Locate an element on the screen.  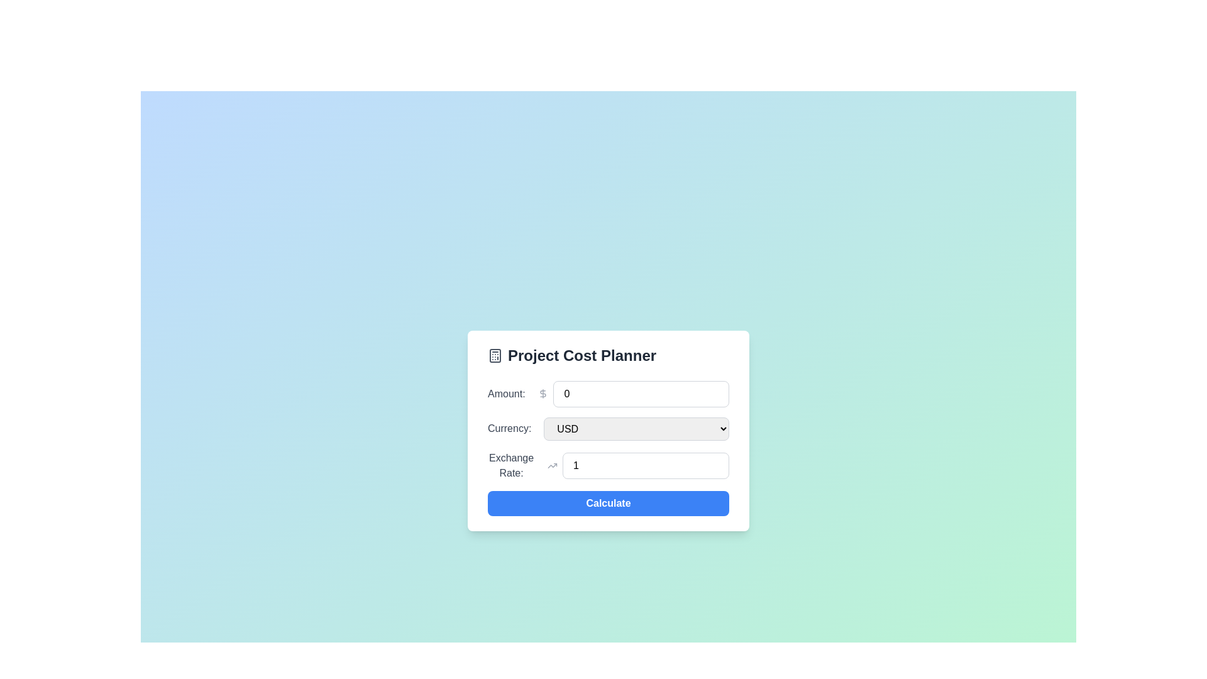
to select the content is located at coordinates (641, 393).